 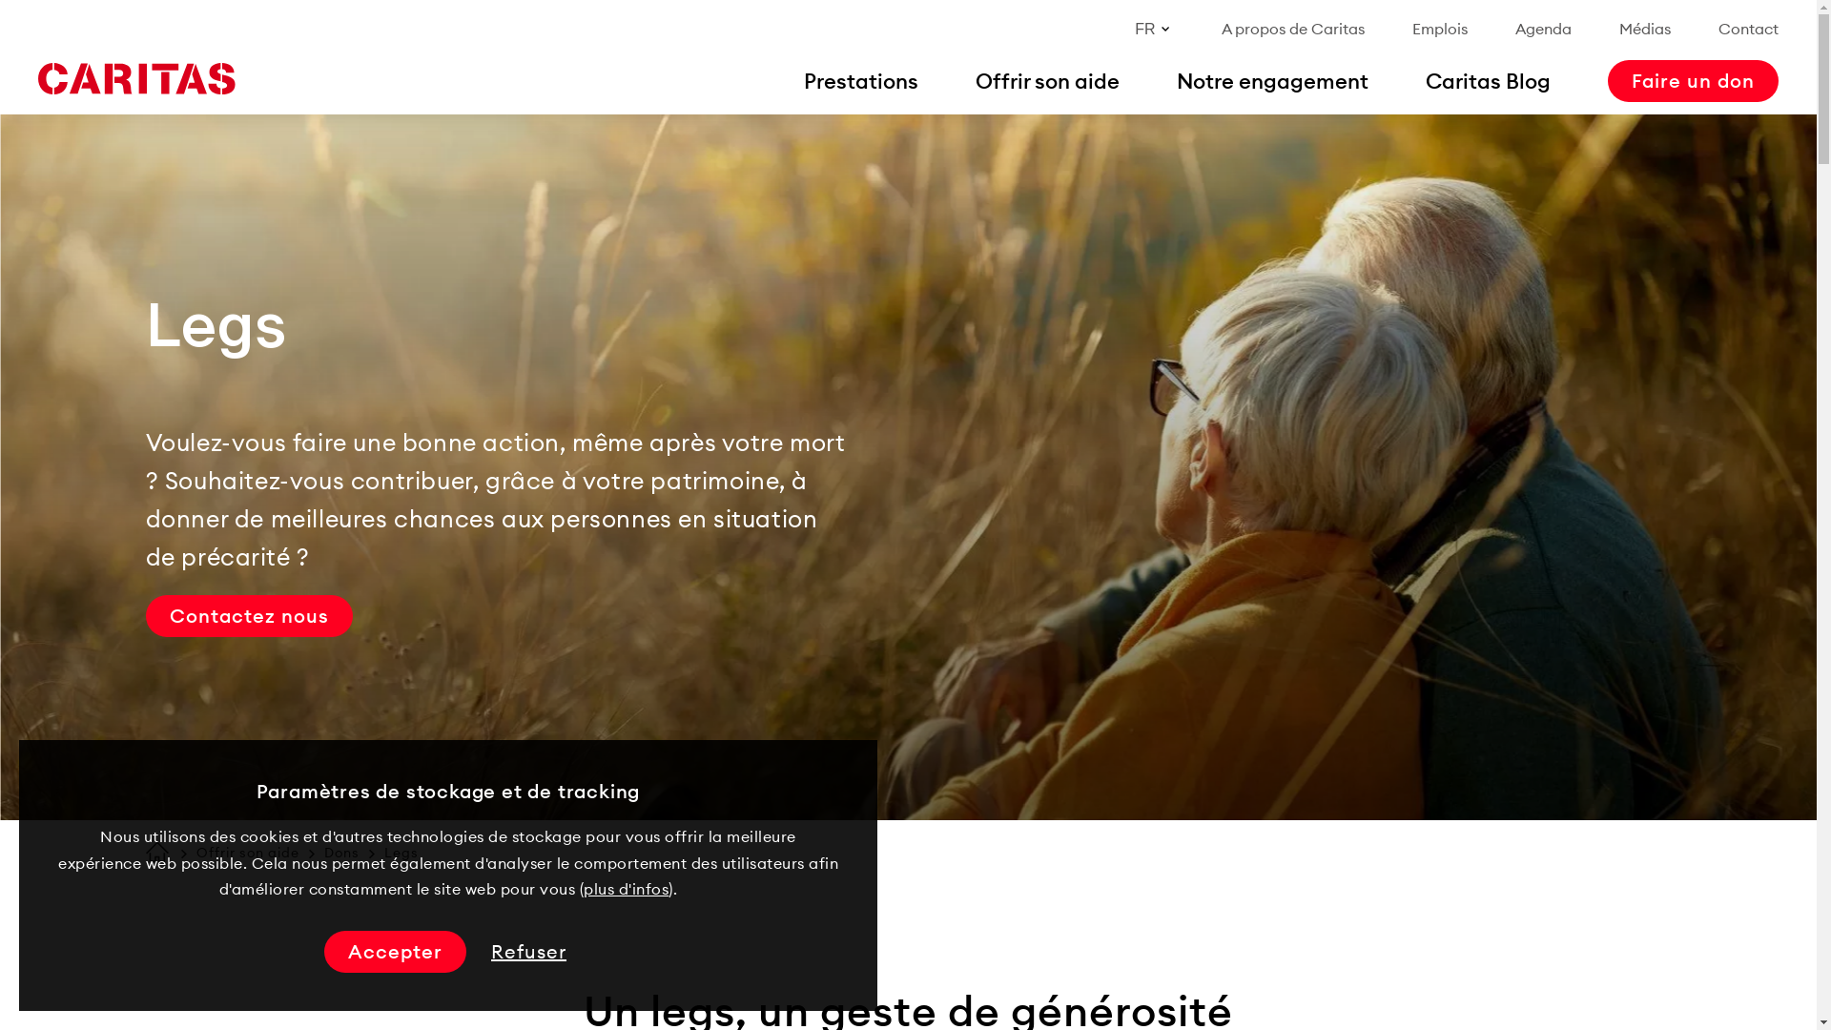 What do you see at coordinates (1440, 29) in the screenshot?
I see `'Emplois'` at bounding box center [1440, 29].